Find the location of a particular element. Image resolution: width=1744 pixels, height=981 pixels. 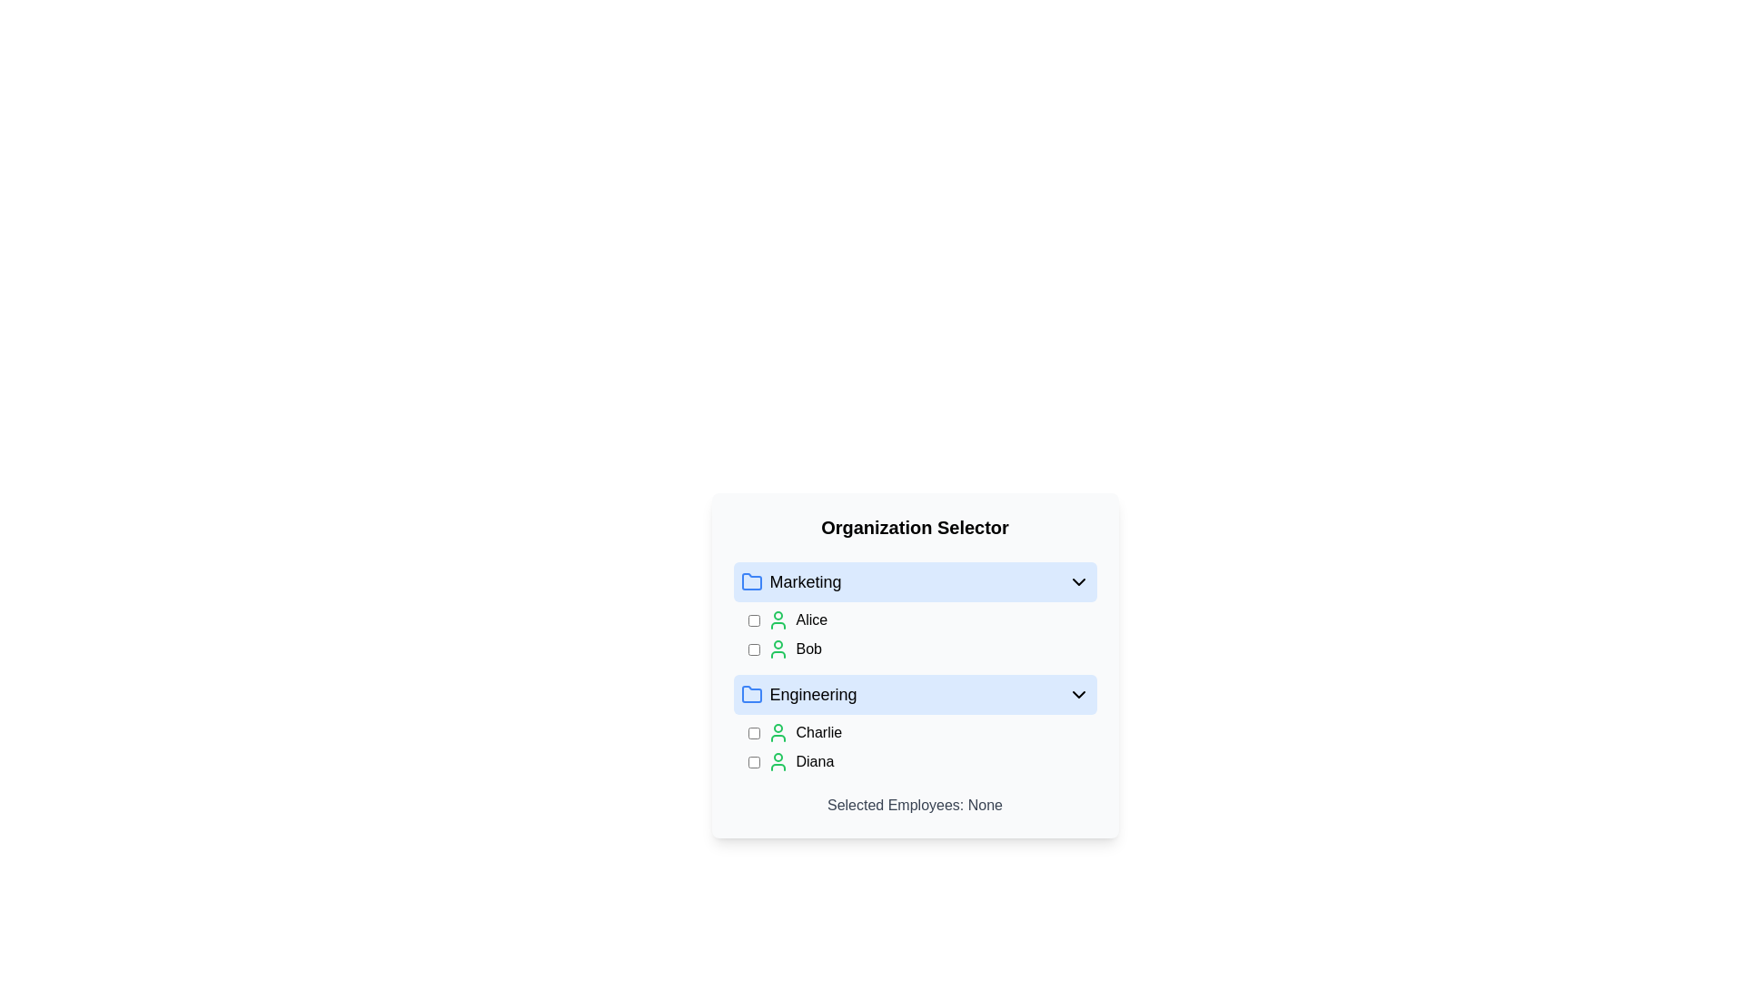

the 'Marketing' text label, which is adjacent to a blue folder icon and located within a blue-highlighted area beneath the 'Organization Selector' heading is located at coordinates (791, 581).